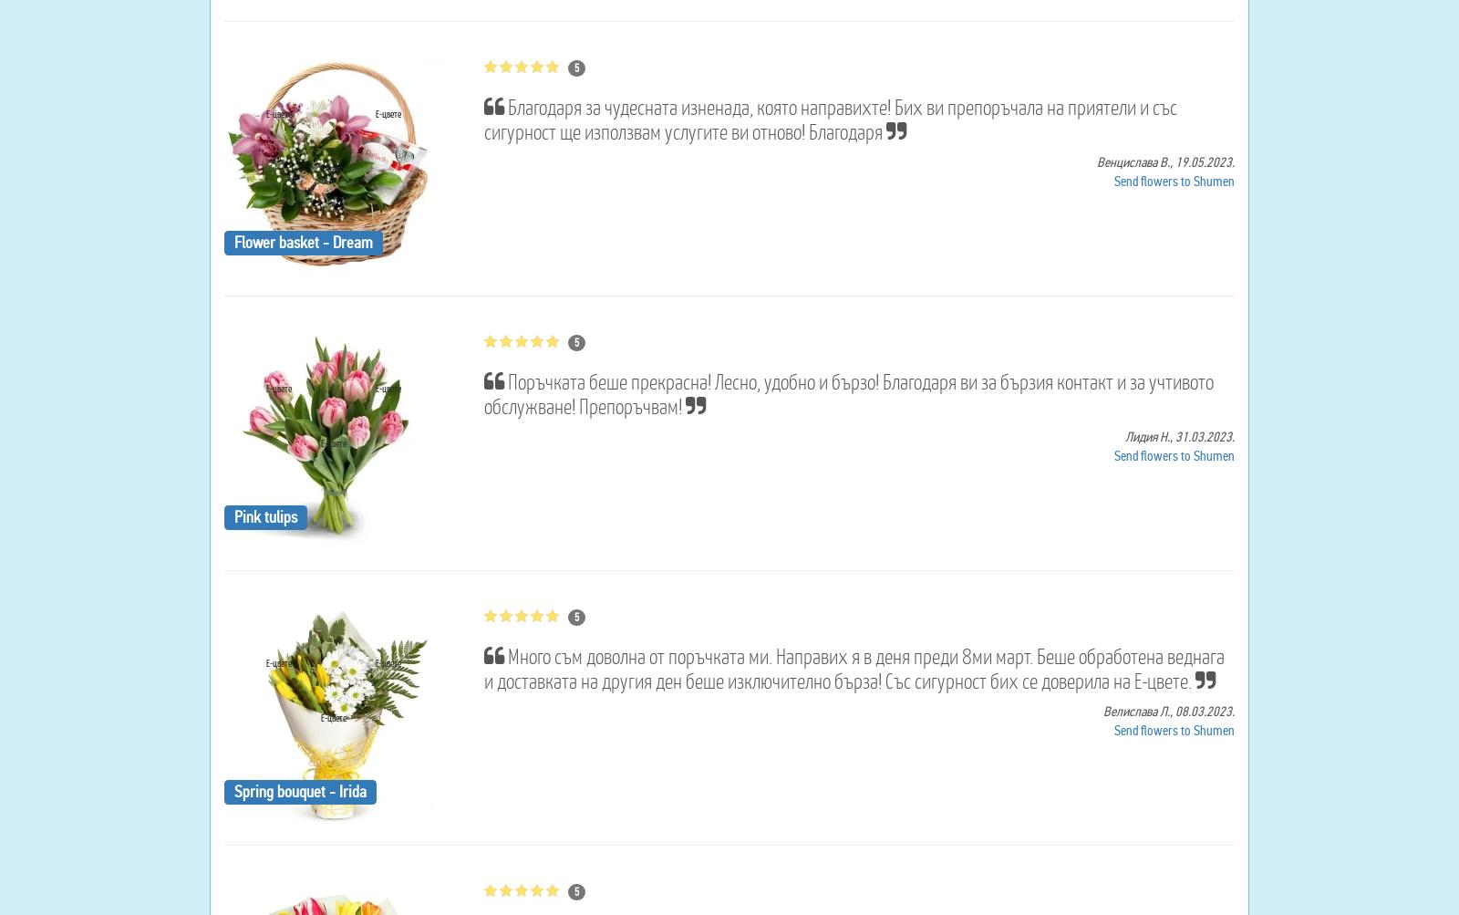 The image size is (1459, 915). Describe the element at coordinates (1204, 436) in the screenshot. I see `'31.03.2023.'` at that location.